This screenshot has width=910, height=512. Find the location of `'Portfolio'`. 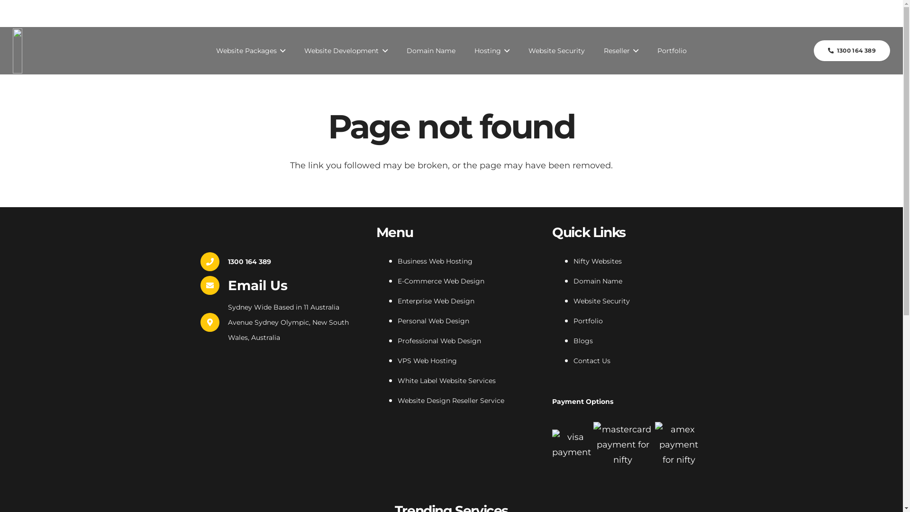

'Portfolio' is located at coordinates (671, 51).